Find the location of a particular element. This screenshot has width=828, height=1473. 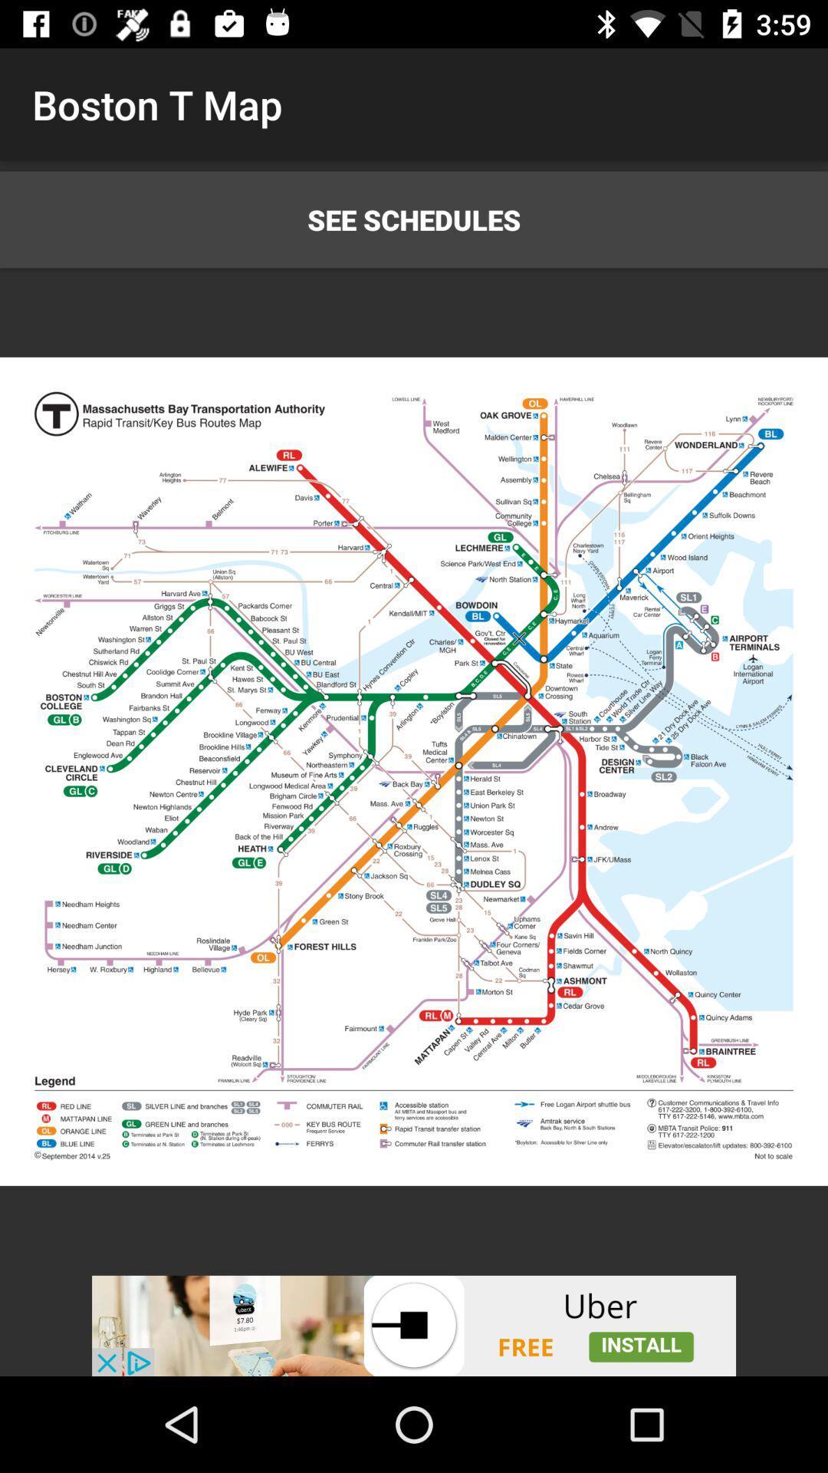

advertiser site is located at coordinates (414, 1325).